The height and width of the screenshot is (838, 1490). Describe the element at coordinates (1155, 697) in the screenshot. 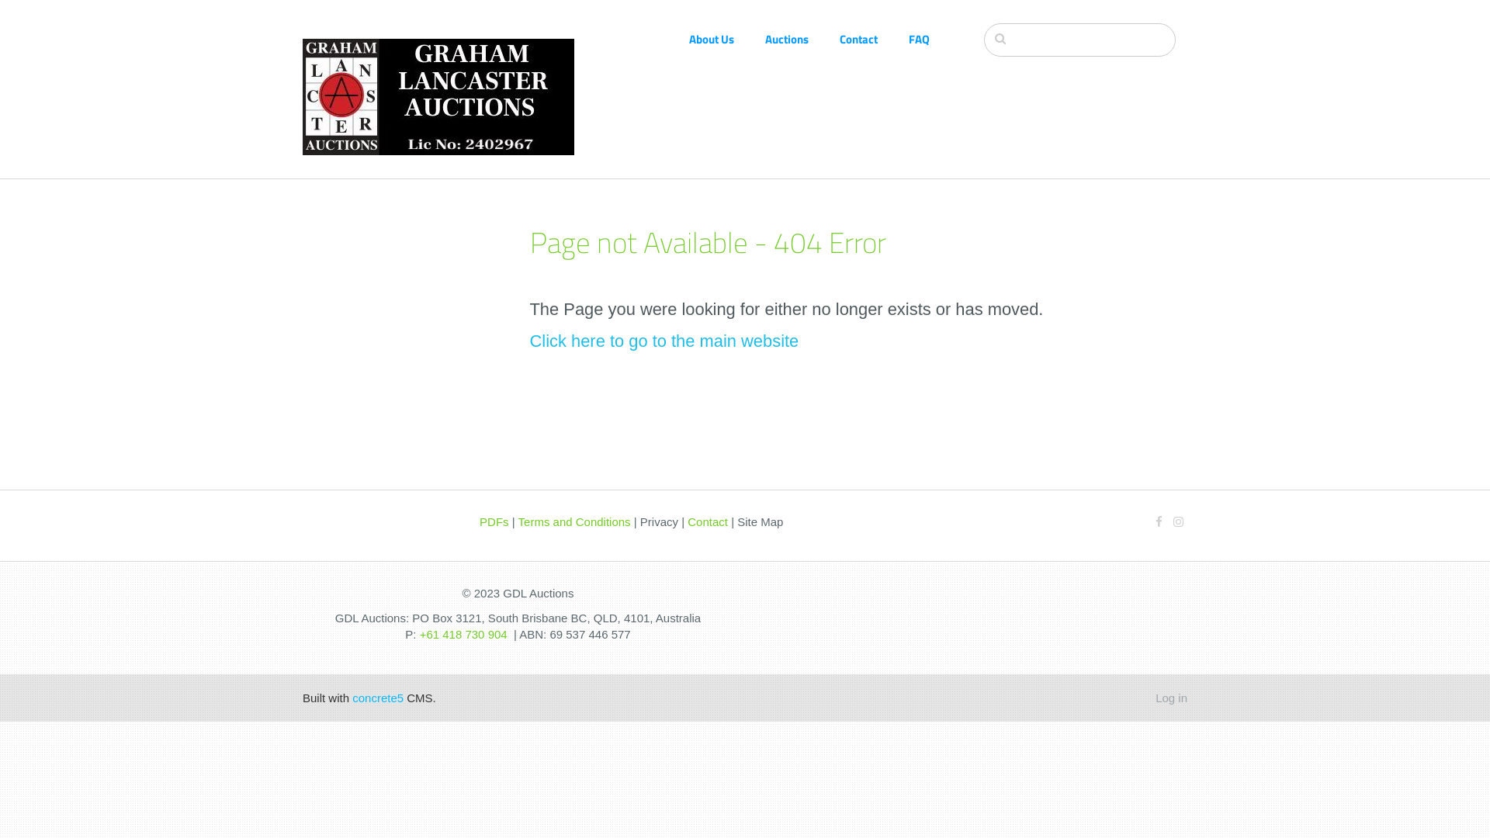

I see `'Log in'` at that location.